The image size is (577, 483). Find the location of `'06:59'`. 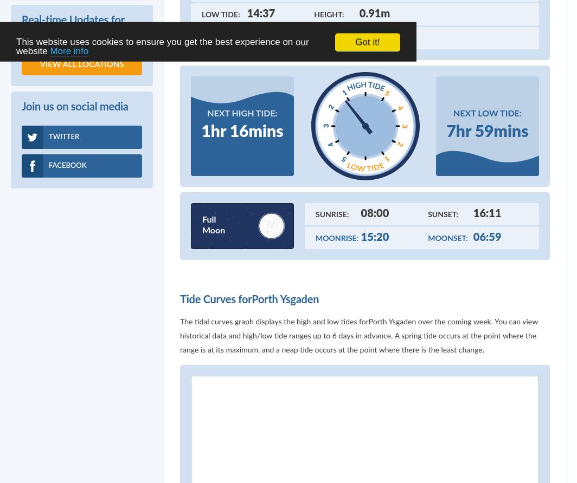

'06:59' is located at coordinates (487, 236).